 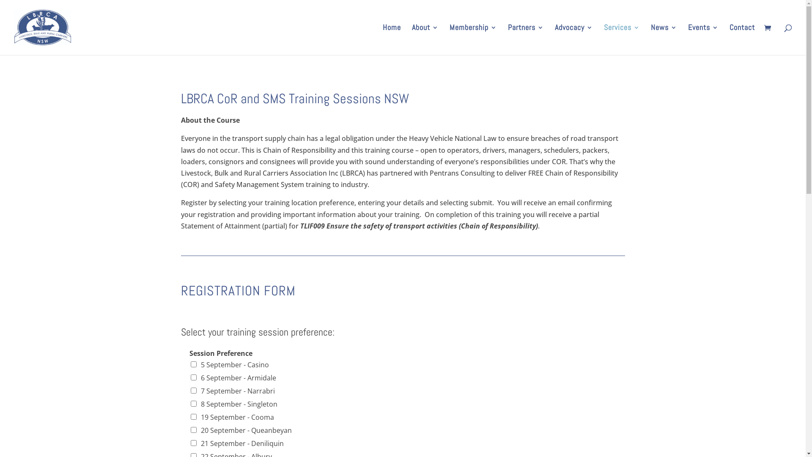 I want to click on 'Events', so click(x=703, y=39).